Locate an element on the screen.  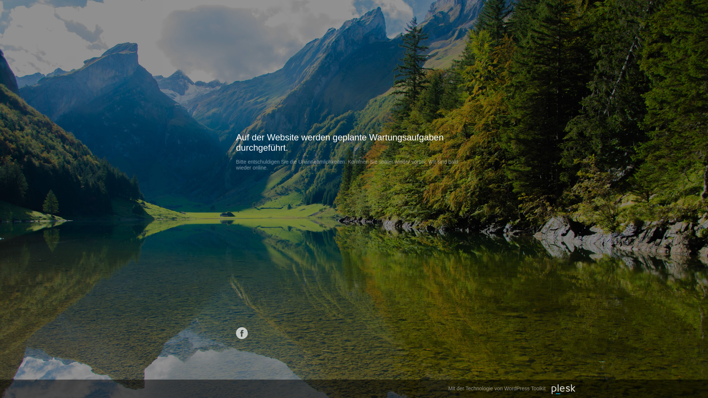
'Facebook' is located at coordinates (242, 333).